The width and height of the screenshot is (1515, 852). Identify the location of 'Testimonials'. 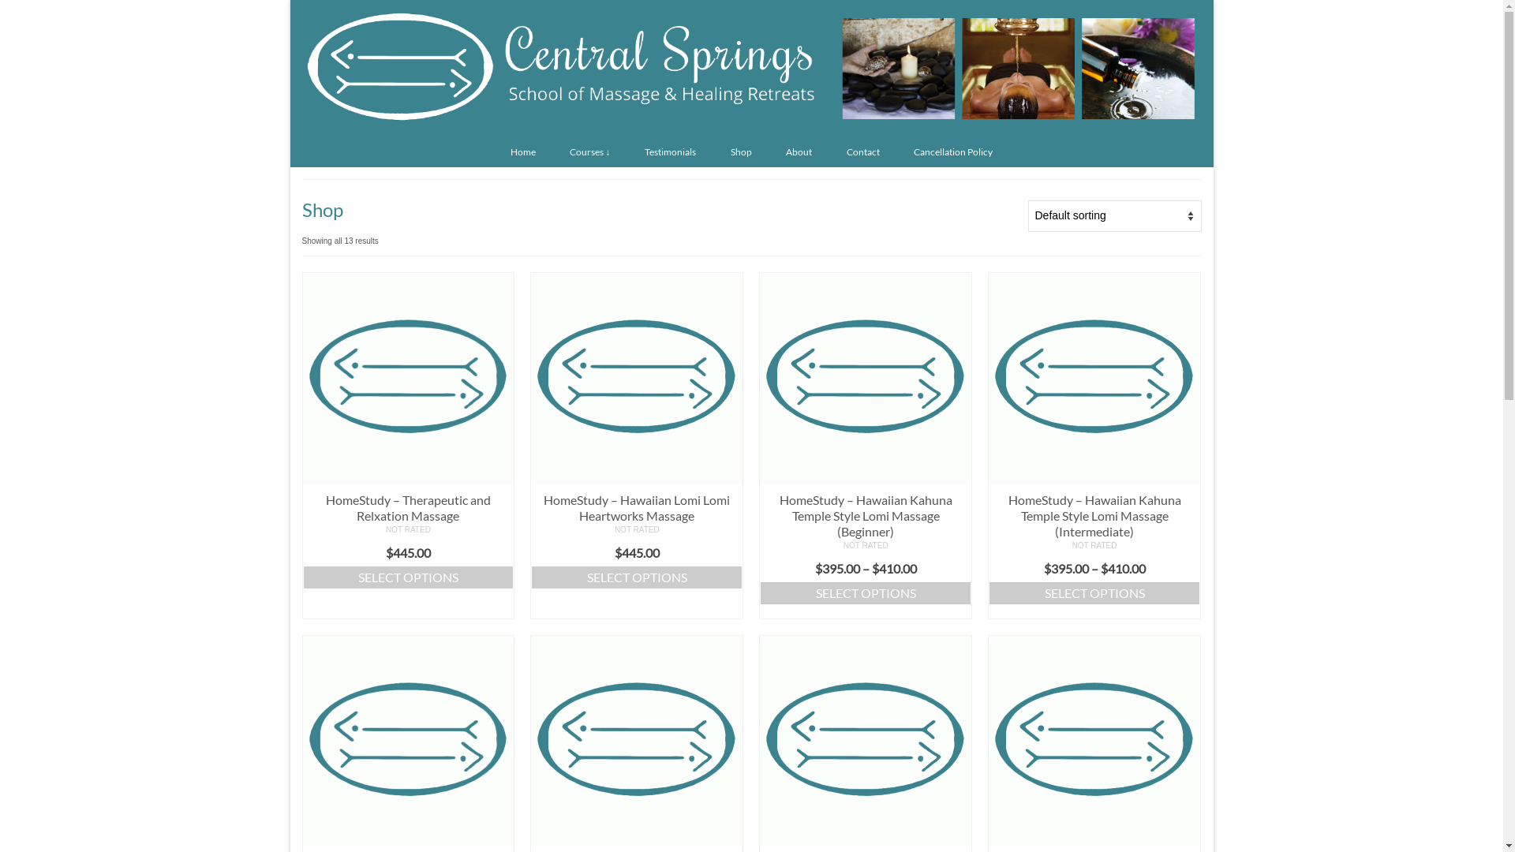
(670, 151).